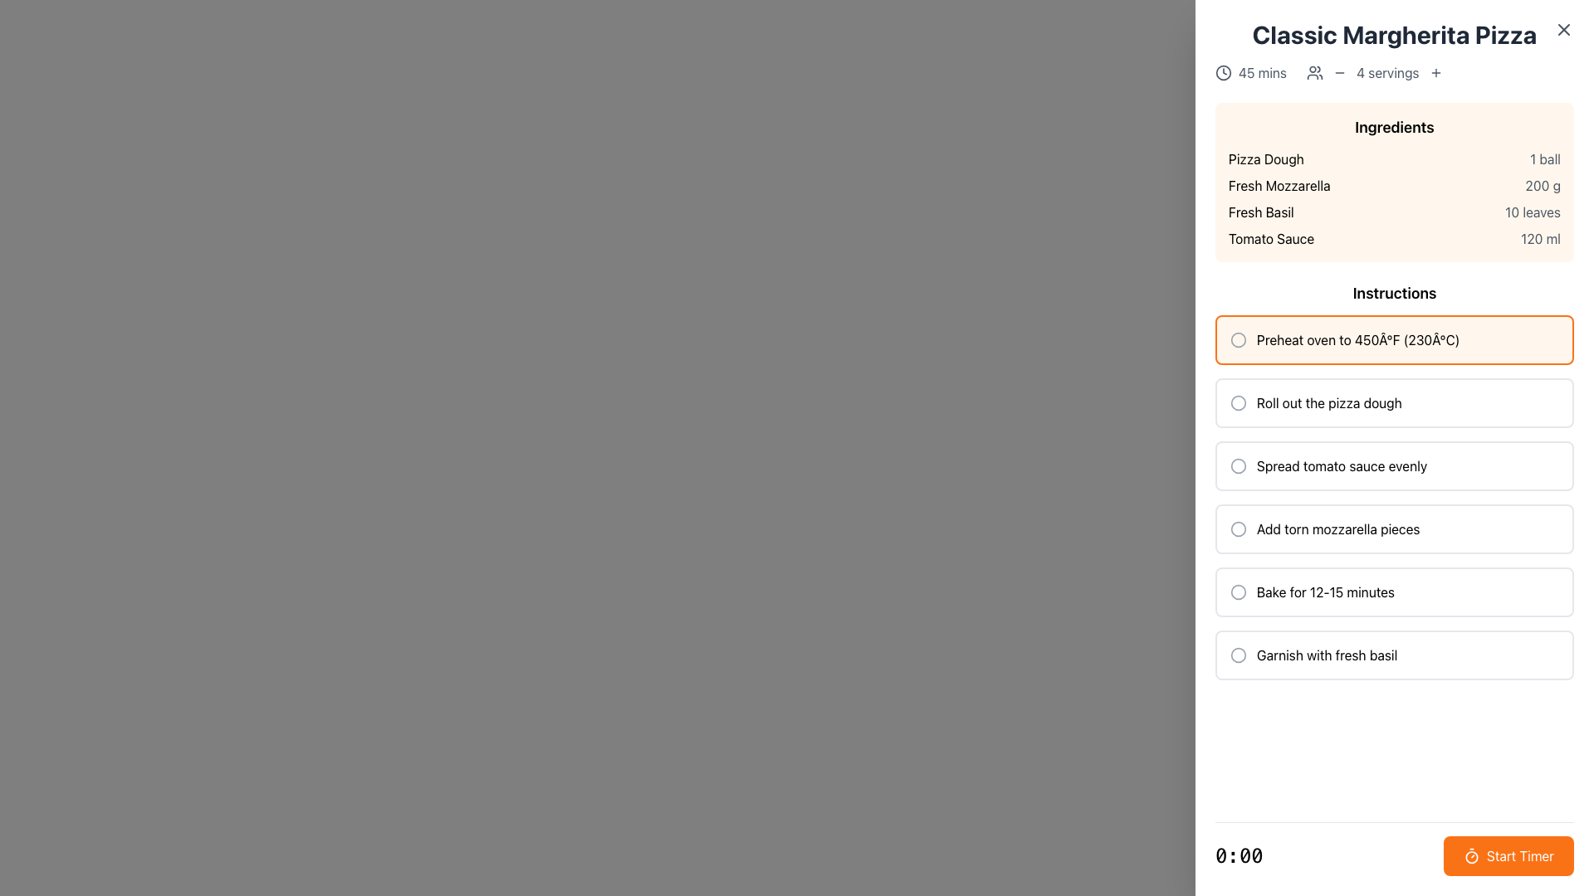 This screenshot has width=1594, height=896. Describe the element at coordinates (1542, 185) in the screenshot. I see `the static text label displaying '200 g', which is located to the right of the 'Fresh Mozzarella' label in the top-right section of the cream-colored Ingredients panel` at that location.